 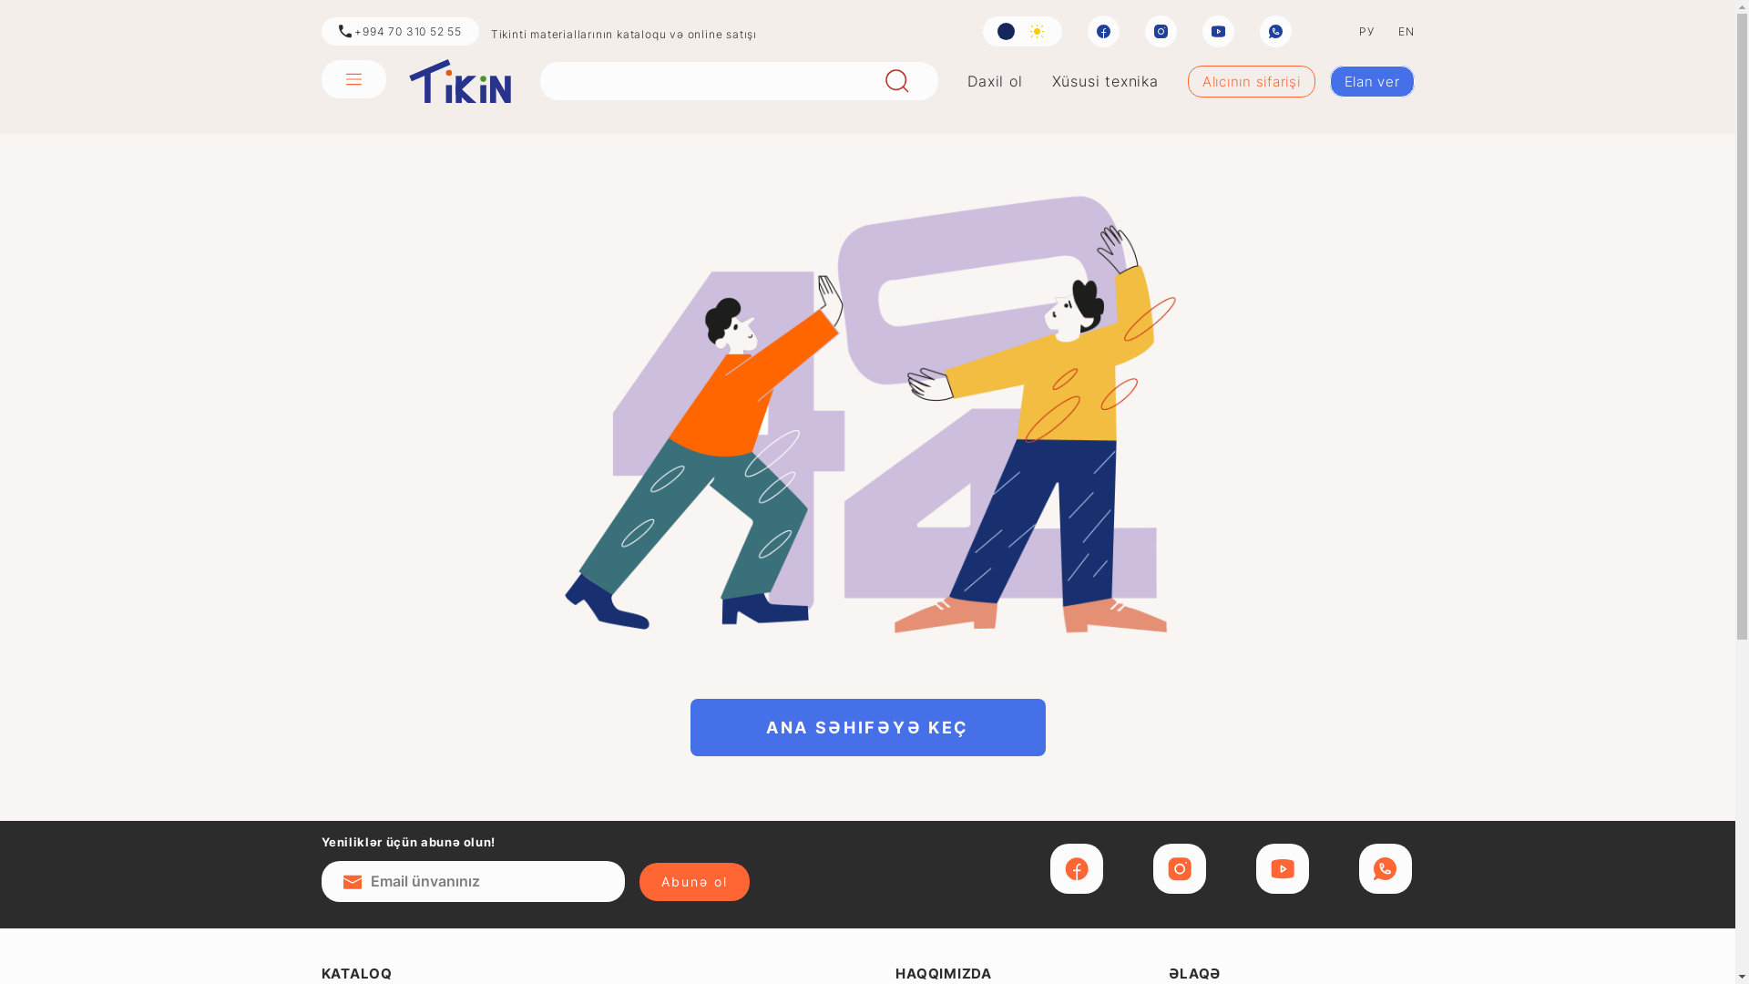 I want to click on 'HAQQIMIZDA', so click(x=944, y=972).